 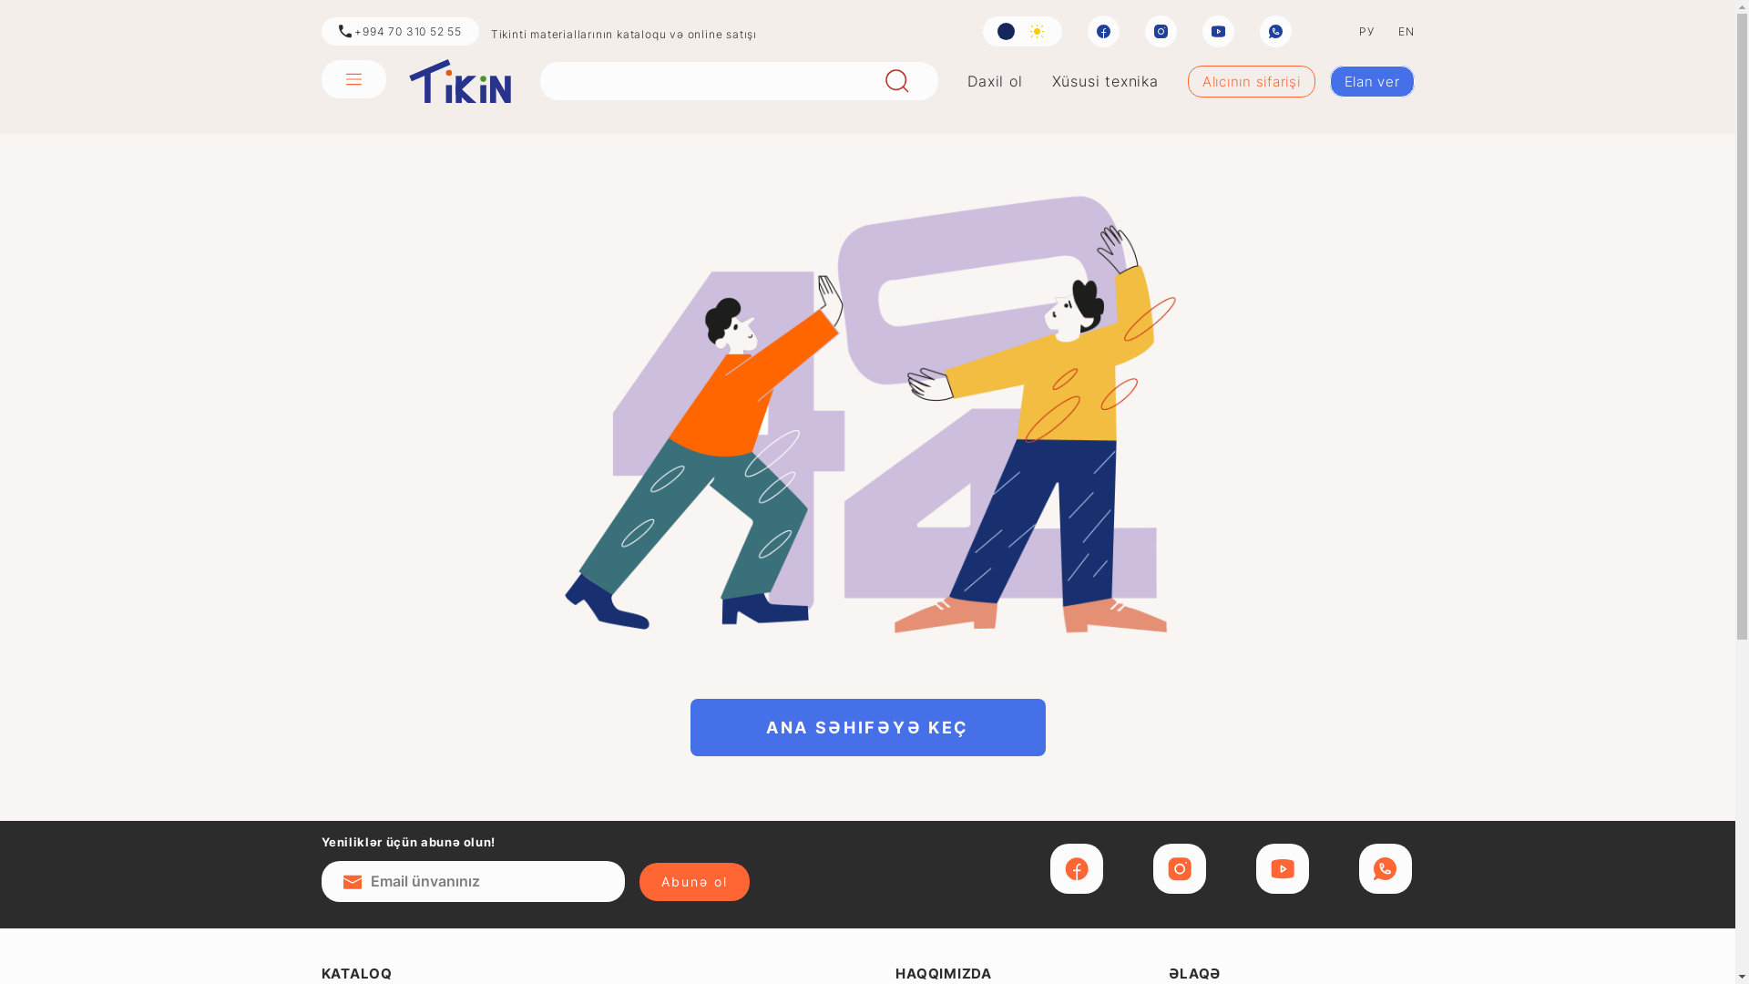 I want to click on 'HAQQIMIZDA', so click(x=944, y=972).